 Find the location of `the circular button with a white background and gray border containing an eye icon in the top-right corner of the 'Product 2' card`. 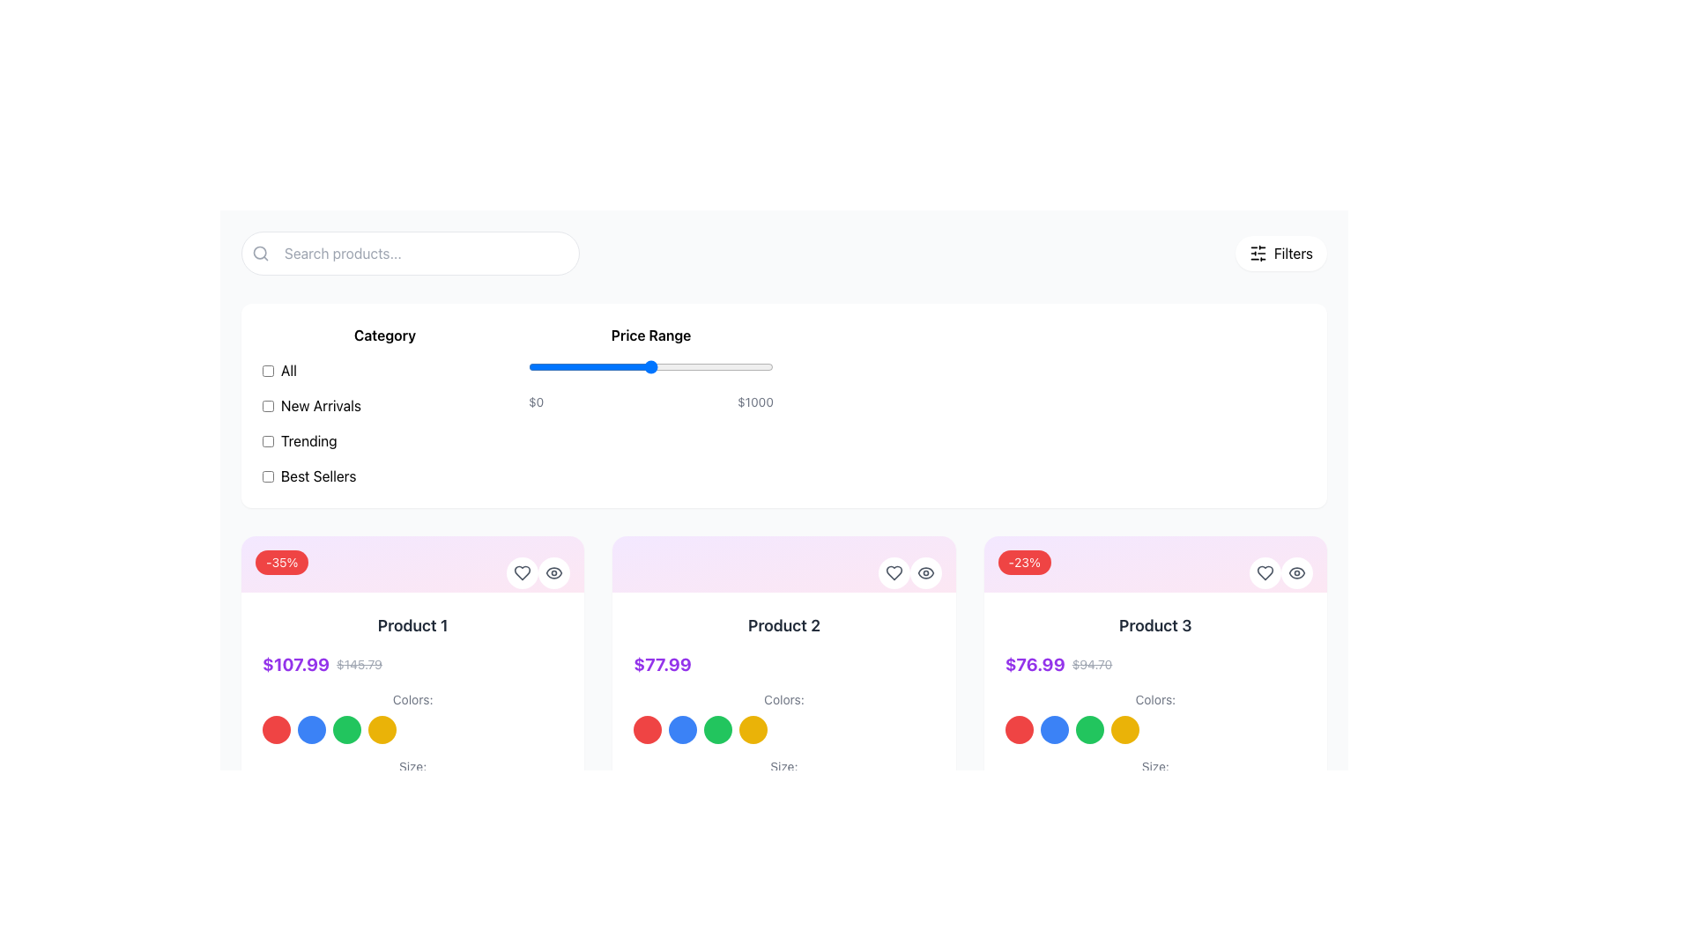

the circular button with a white background and gray border containing an eye icon in the top-right corner of the 'Product 2' card is located at coordinates (924, 573).